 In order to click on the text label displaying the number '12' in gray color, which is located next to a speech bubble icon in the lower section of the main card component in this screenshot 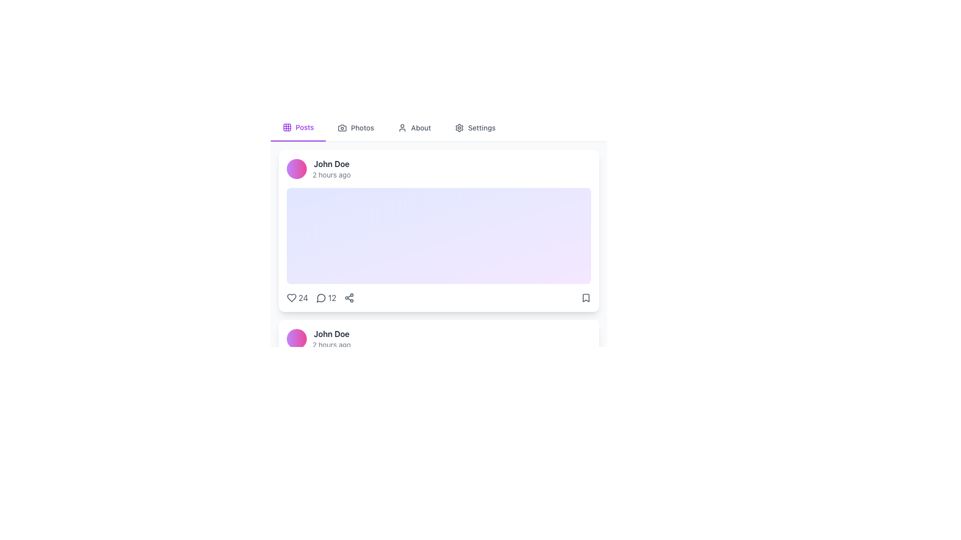, I will do `click(332, 297)`.